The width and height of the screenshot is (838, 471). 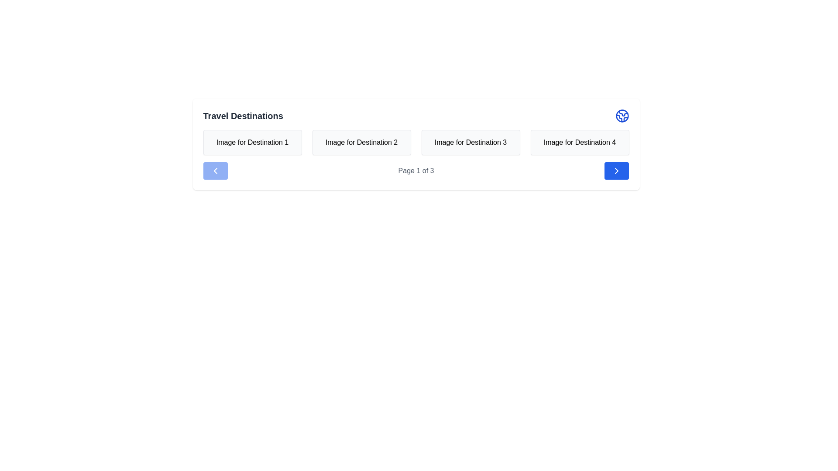 I want to click on first button in the pagination control at the bottom of the page for accessibility purposes, so click(x=215, y=171).